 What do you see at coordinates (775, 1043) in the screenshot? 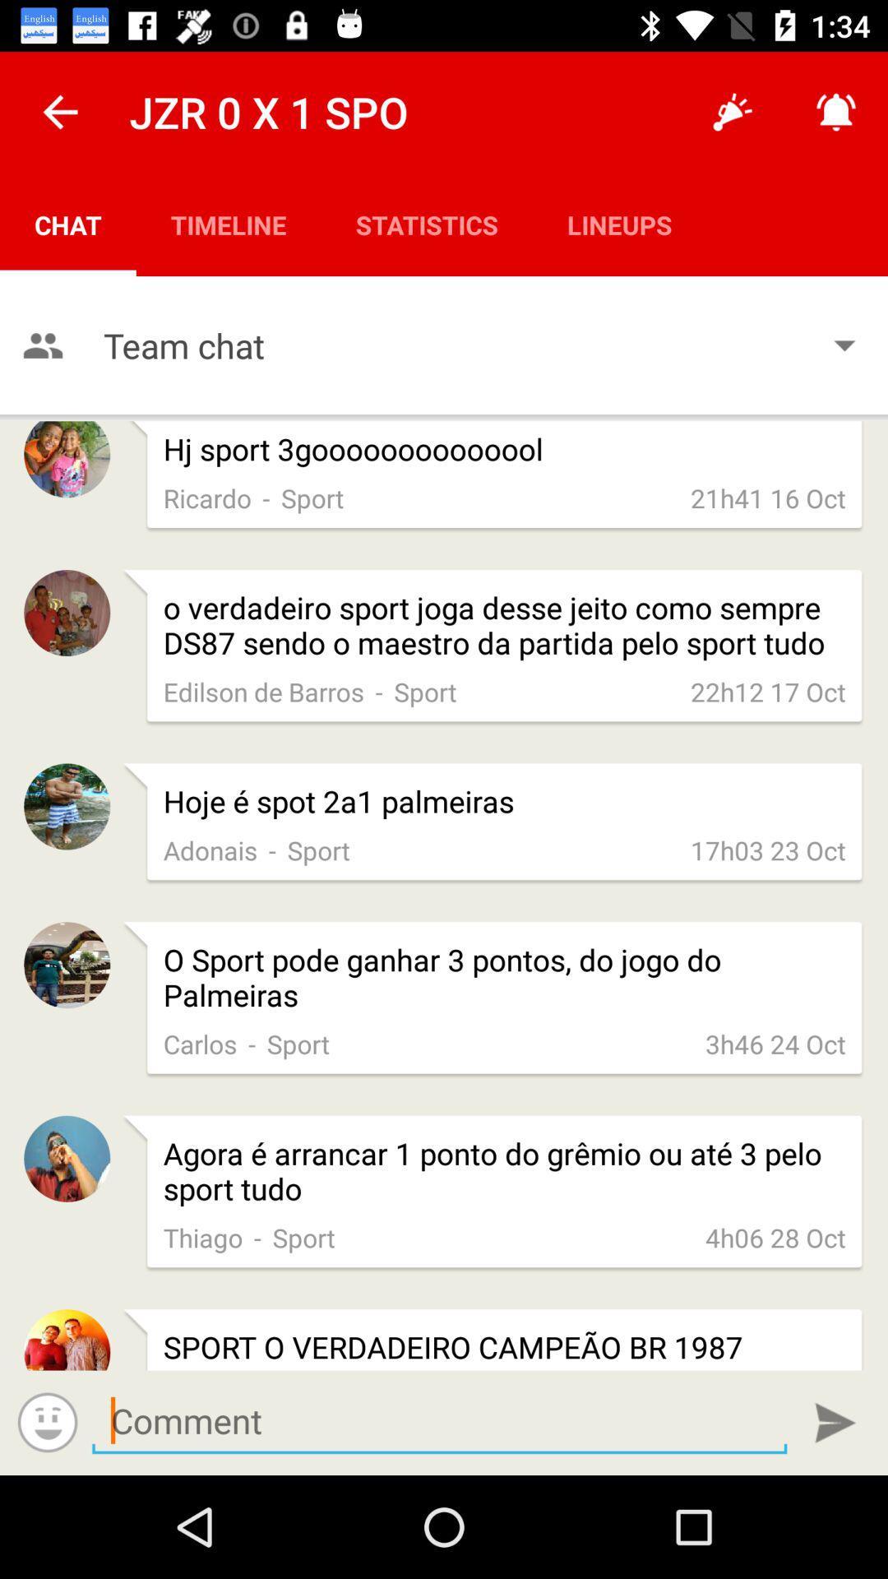
I see `the app to the right of sport item` at bounding box center [775, 1043].